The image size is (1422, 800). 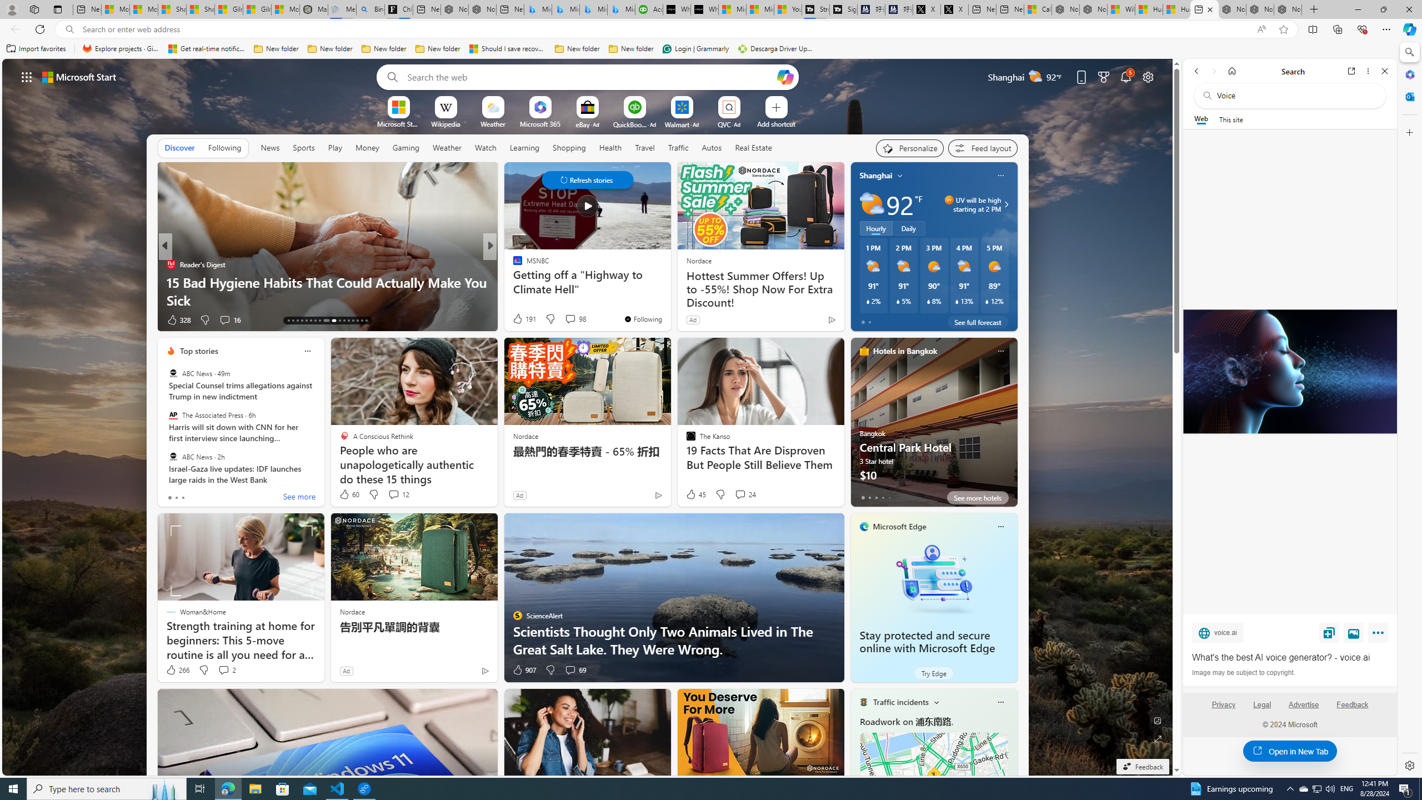 What do you see at coordinates (1329, 632) in the screenshot?
I see `'Save'` at bounding box center [1329, 632].